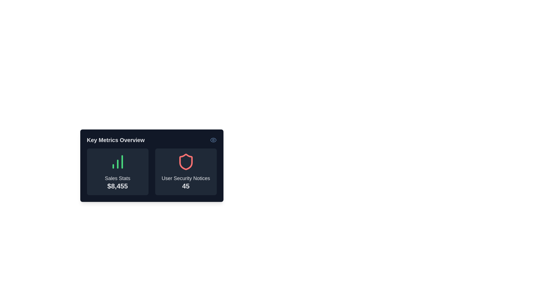 The width and height of the screenshot is (537, 302). Describe the element at coordinates (186, 186) in the screenshot. I see `the numerical indicator label for 'User Security Notices' to possibly reveal additional information` at that location.